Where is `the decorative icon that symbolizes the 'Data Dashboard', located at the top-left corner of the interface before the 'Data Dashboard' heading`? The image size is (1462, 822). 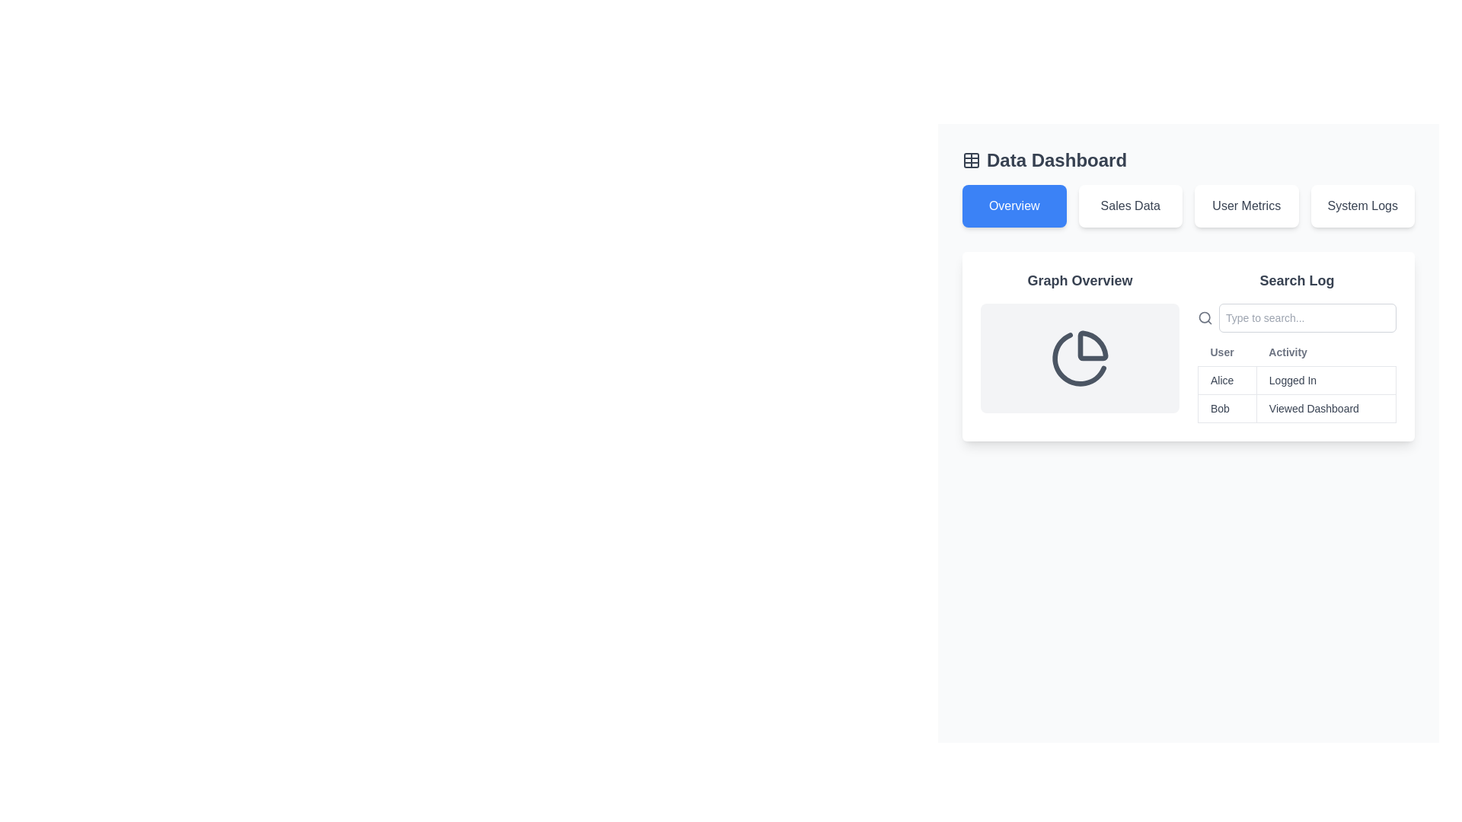
the decorative icon that symbolizes the 'Data Dashboard', located at the top-left corner of the interface before the 'Data Dashboard' heading is located at coordinates (971, 161).